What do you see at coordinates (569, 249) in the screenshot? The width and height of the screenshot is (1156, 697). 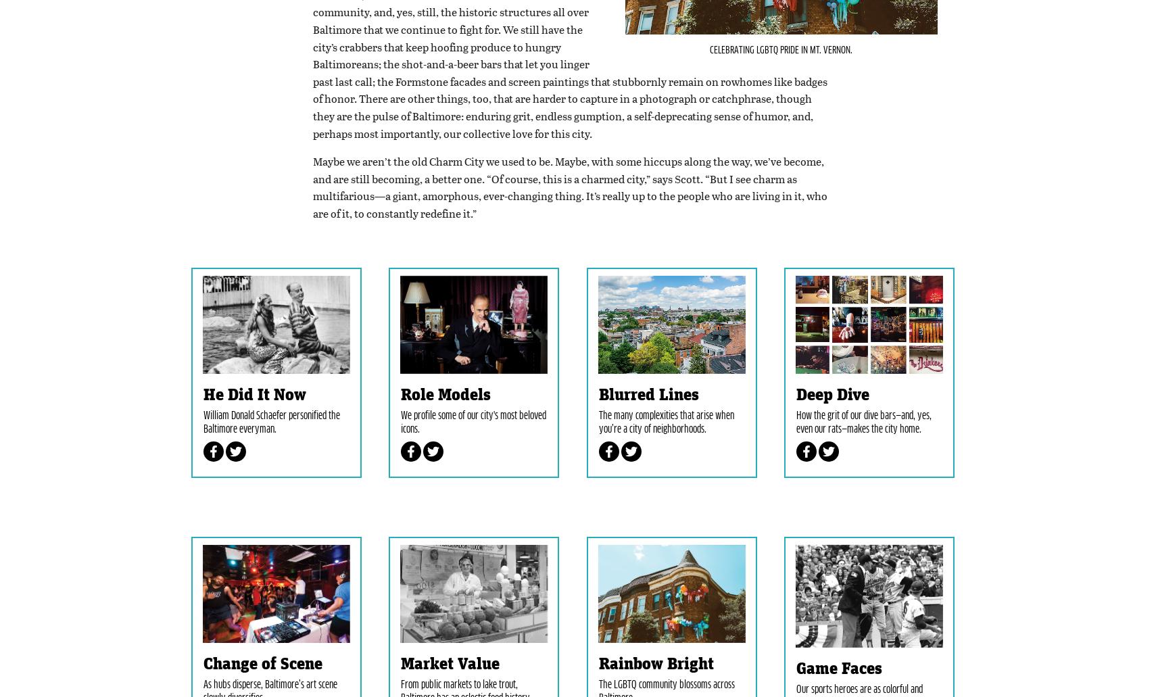 I see `'Maybe we aren’t the old Charm City we used to be. Maybe, with some hiccups along the way, we’ve become, and are still becoming, a better one. “Of course, this is a charmed city,” says Scott. “But I see charm as multifarious—a giant, amorphous, ever-changing thing. It’s really up to the people who are living in it, who are of it, to constantly redefine it.”'` at bounding box center [569, 249].